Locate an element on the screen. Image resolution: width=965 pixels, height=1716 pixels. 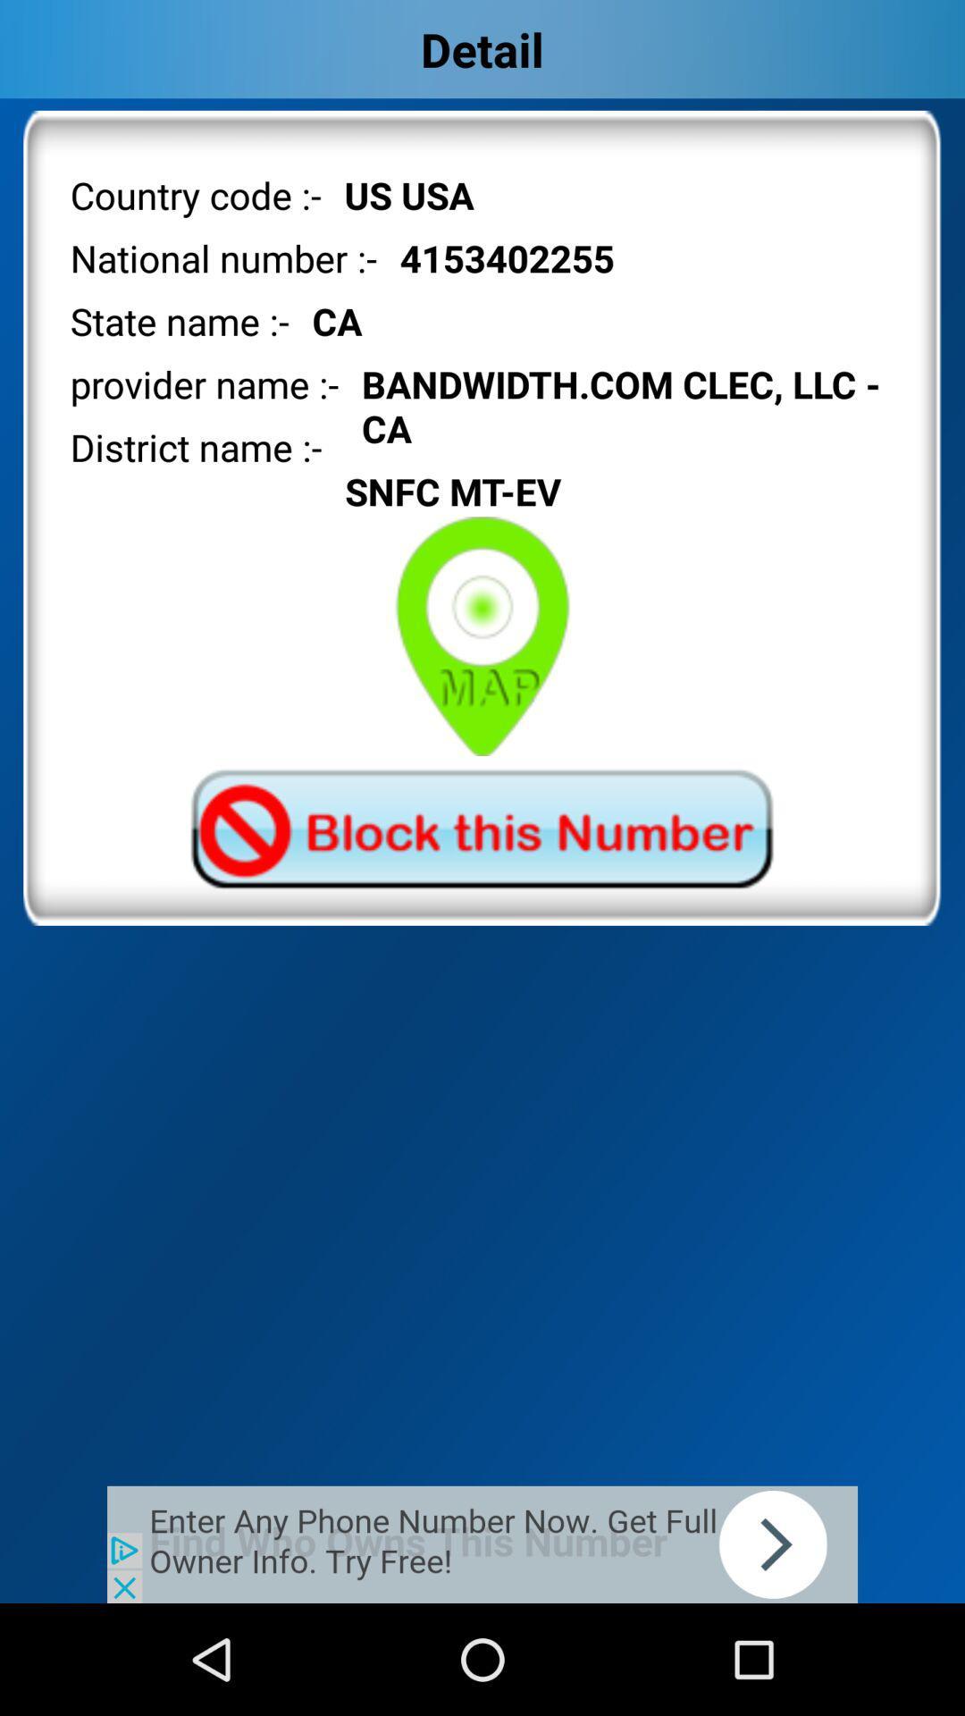
advertisement to look up phone numbers is located at coordinates (482, 1544).